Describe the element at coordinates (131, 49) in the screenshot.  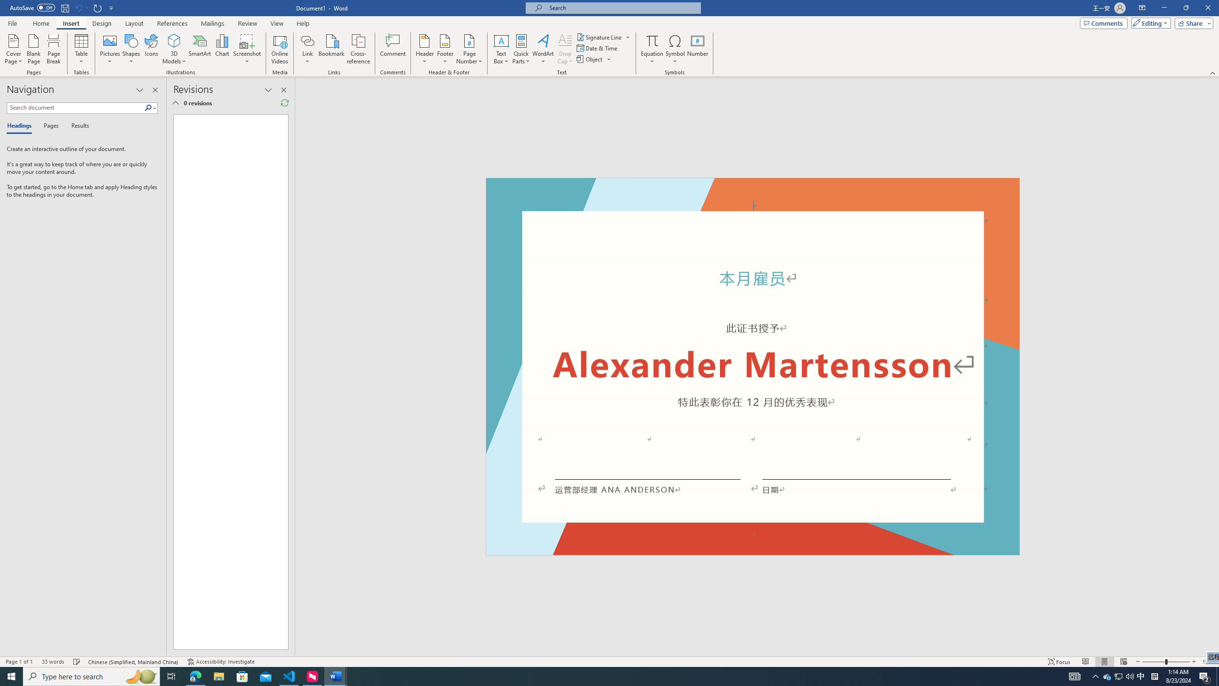
I see `'Shapes'` at that location.